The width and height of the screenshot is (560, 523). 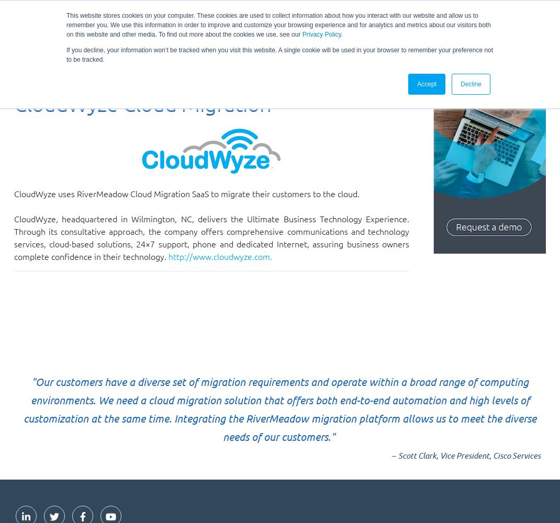 I want to click on 'CloudWyze uses RiverMeadow Cloud Migration SaaS to migrate their customers to the cloud.', so click(x=186, y=193).